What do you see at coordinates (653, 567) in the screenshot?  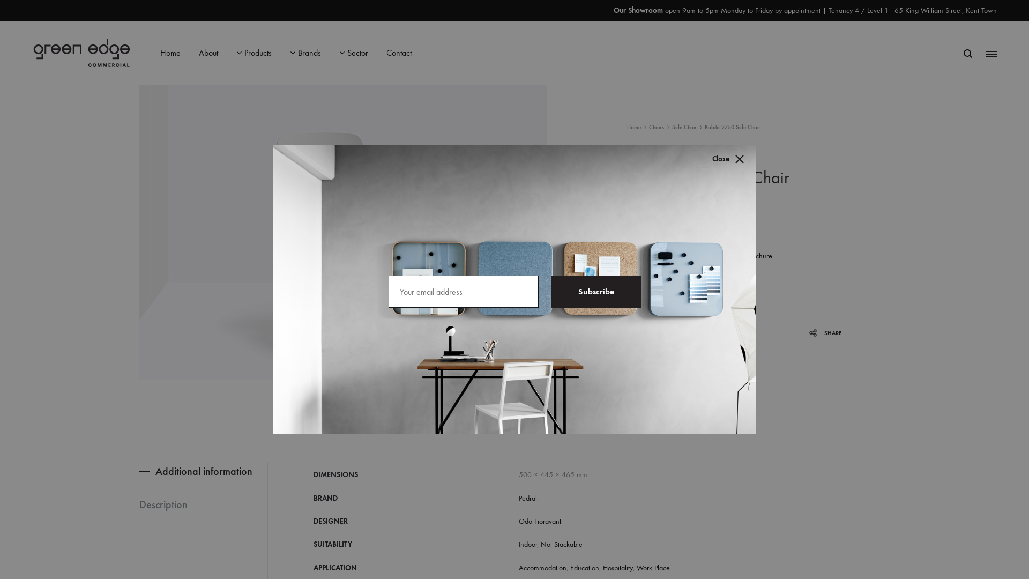 I see `'Work Place'` at bounding box center [653, 567].